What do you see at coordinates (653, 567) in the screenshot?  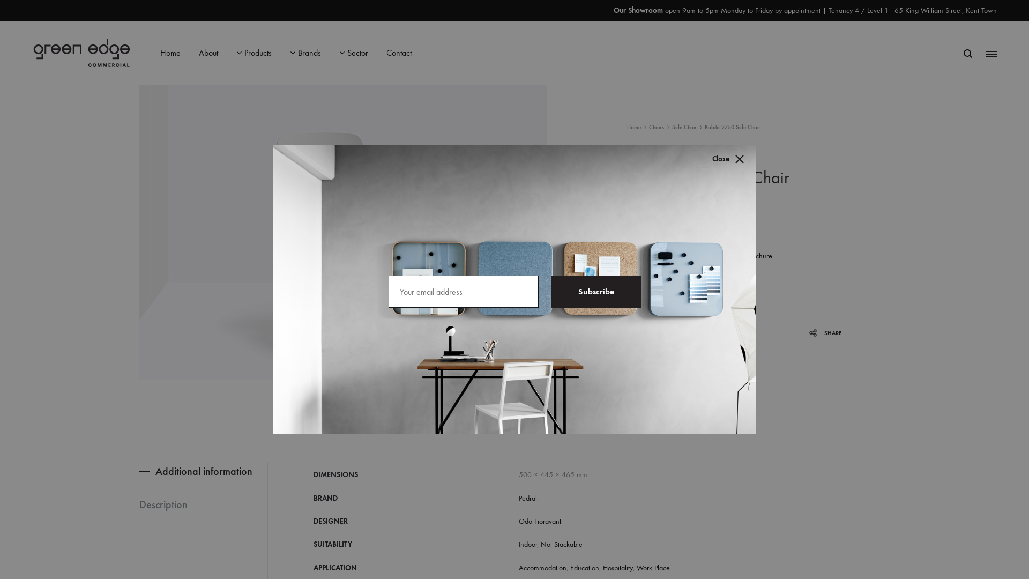 I see `'Work Place'` at bounding box center [653, 567].